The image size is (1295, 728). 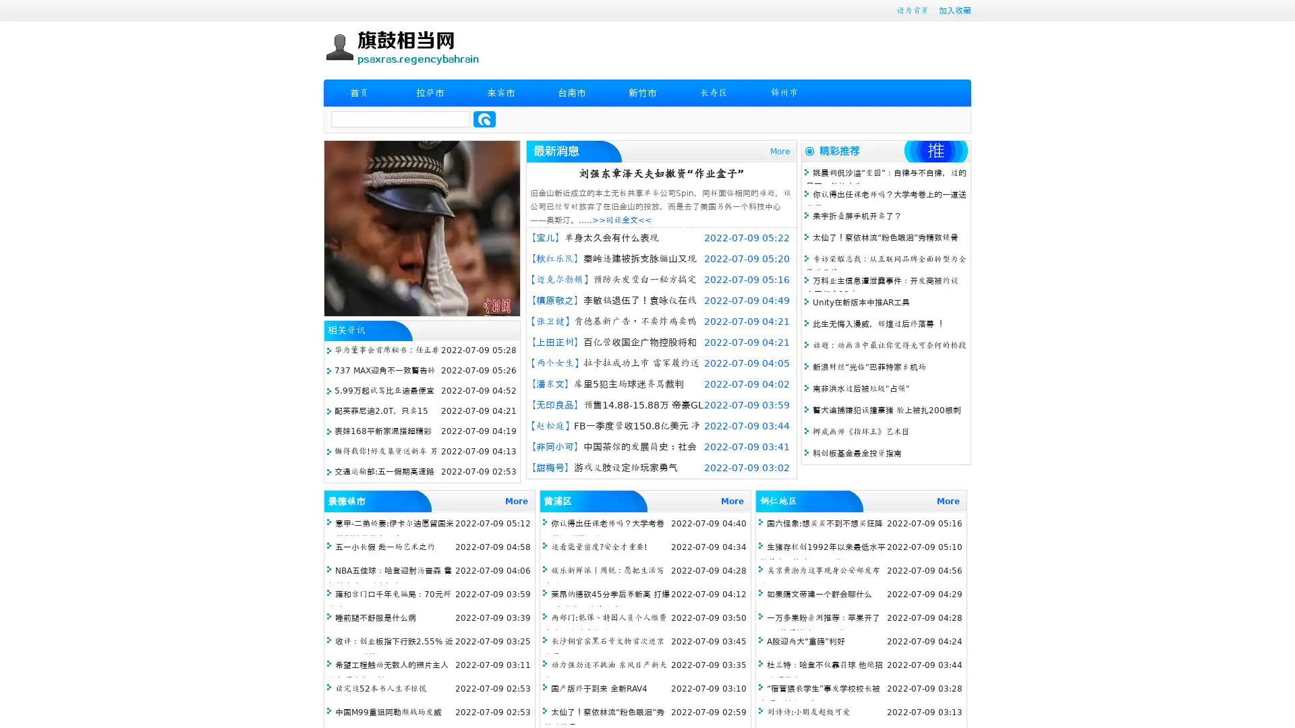 I want to click on Search, so click(x=484, y=119).